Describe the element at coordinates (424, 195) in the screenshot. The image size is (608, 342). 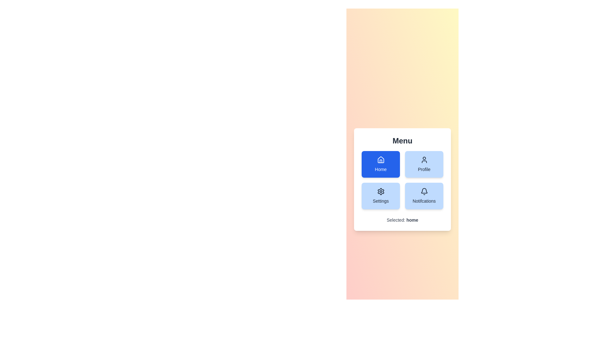
I see `the Notifications button to select it` at that location.